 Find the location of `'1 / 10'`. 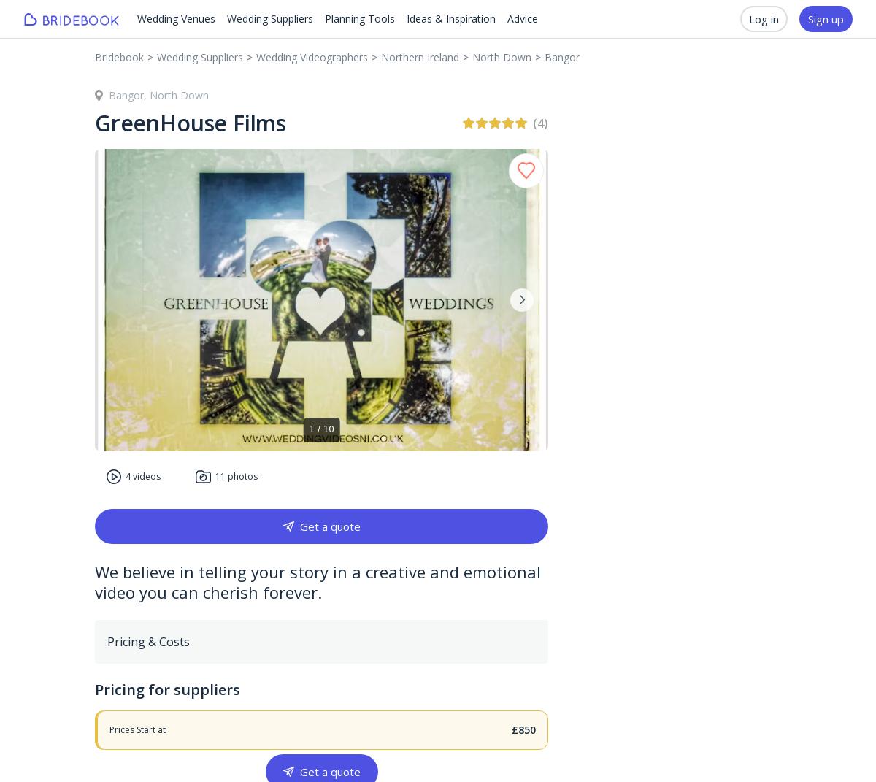

'1 / 10' is located at coordinates (321, 429).